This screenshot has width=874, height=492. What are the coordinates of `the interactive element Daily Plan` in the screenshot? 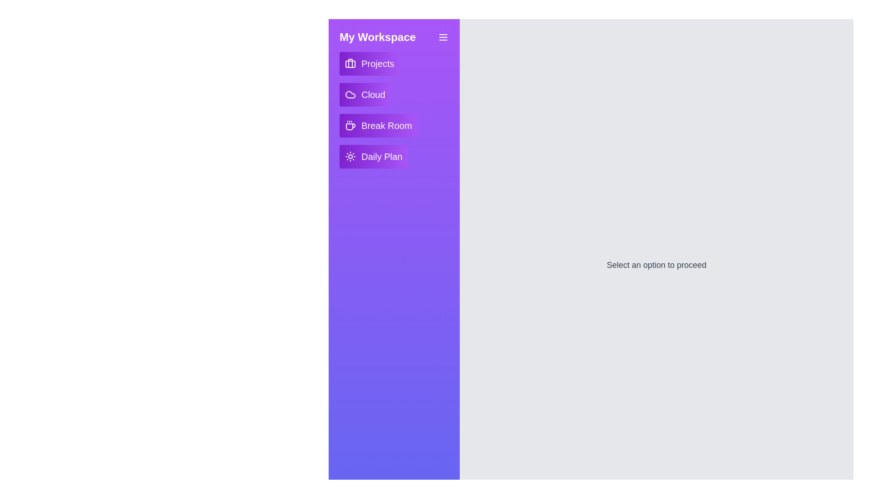 It's located at (373, 156).